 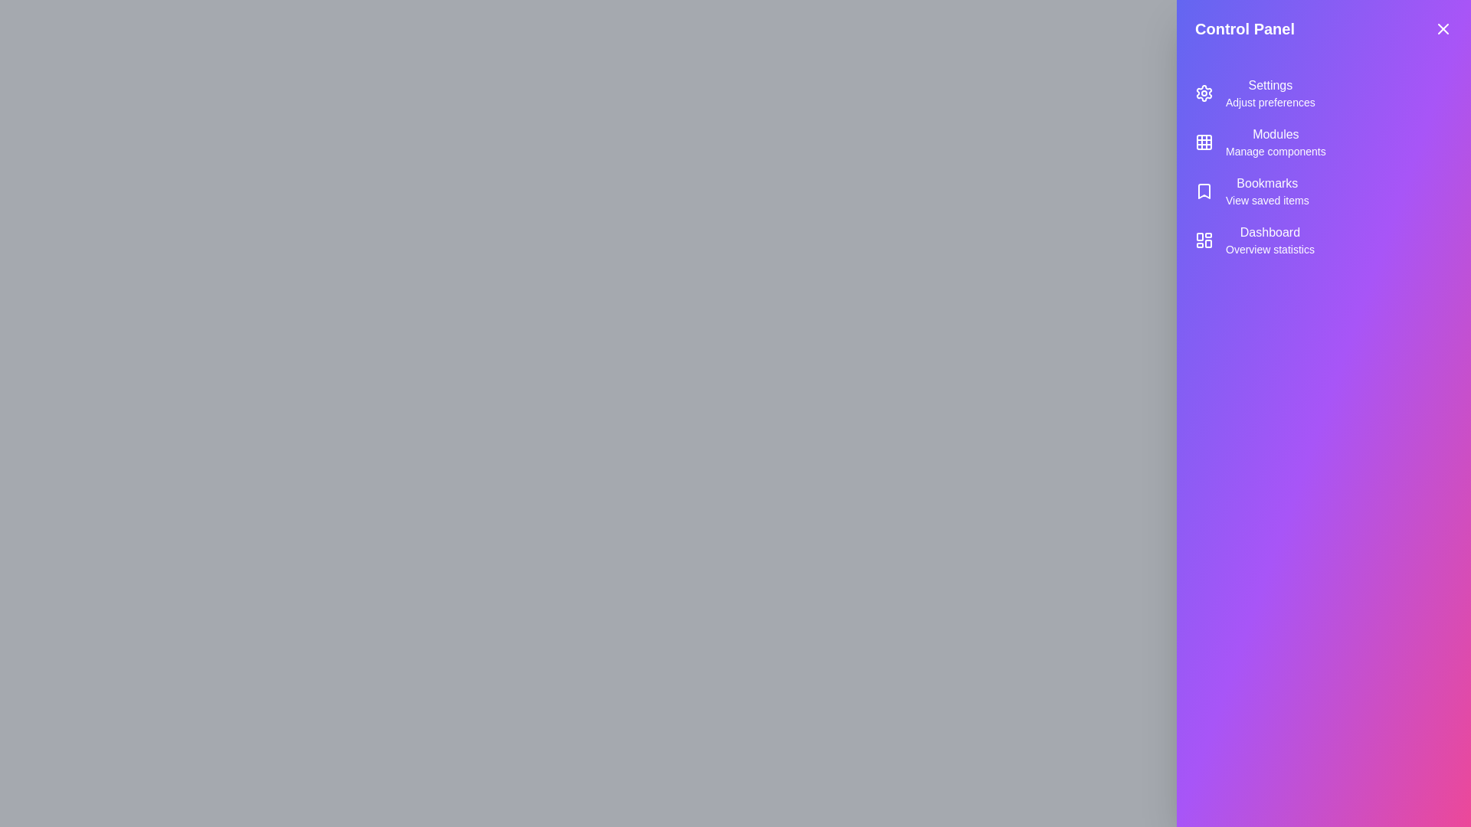 I want to click on the 'Dashboard' Navigation menu item in the Control Panel sidebar for keyboard navigation, so click(x=1323, y=240).